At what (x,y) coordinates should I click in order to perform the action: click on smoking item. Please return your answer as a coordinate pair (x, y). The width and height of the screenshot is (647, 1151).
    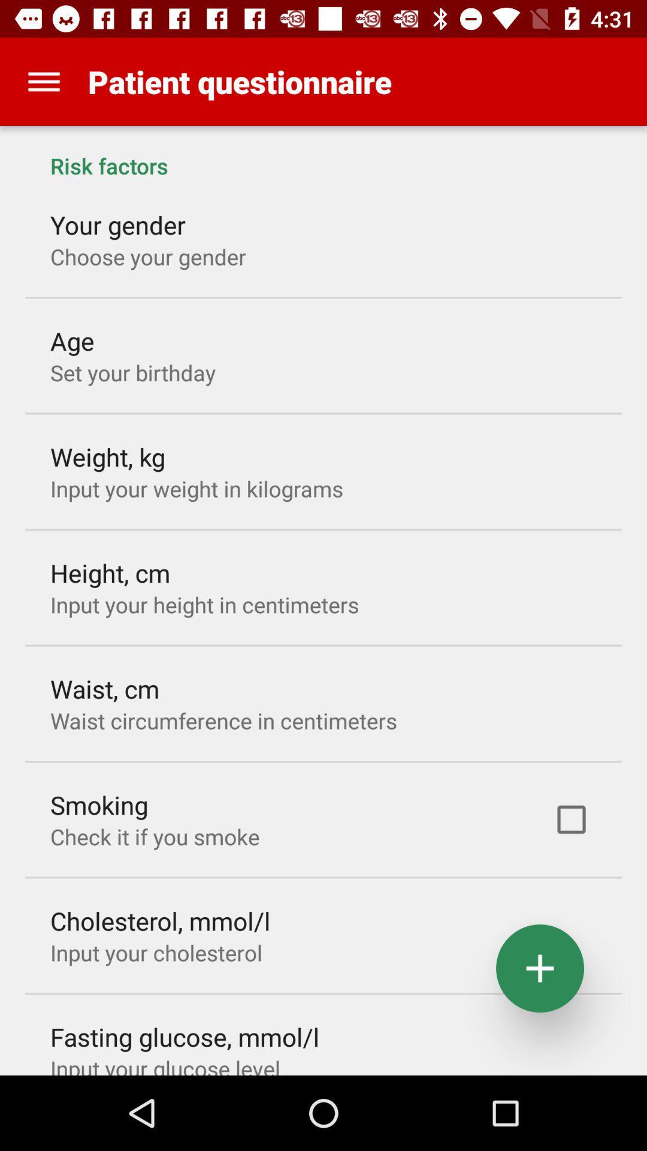
    Looking at the image, I should click on (98, 805).